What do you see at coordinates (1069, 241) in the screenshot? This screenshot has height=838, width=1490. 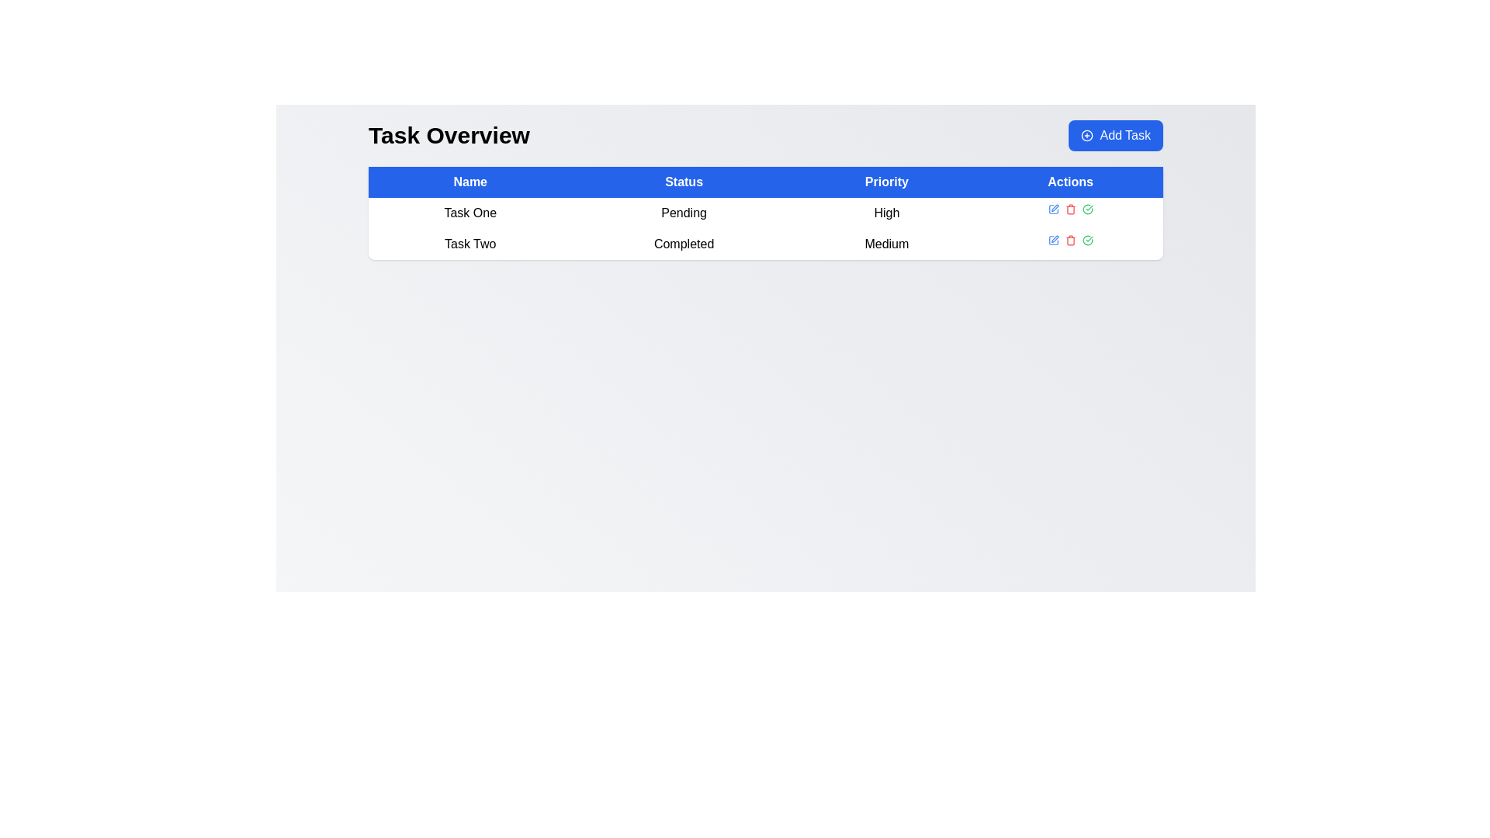 I see `the SVG trash can icon located in the 'Actions' column of the second row in the table` at bounding box center [1069, 241].